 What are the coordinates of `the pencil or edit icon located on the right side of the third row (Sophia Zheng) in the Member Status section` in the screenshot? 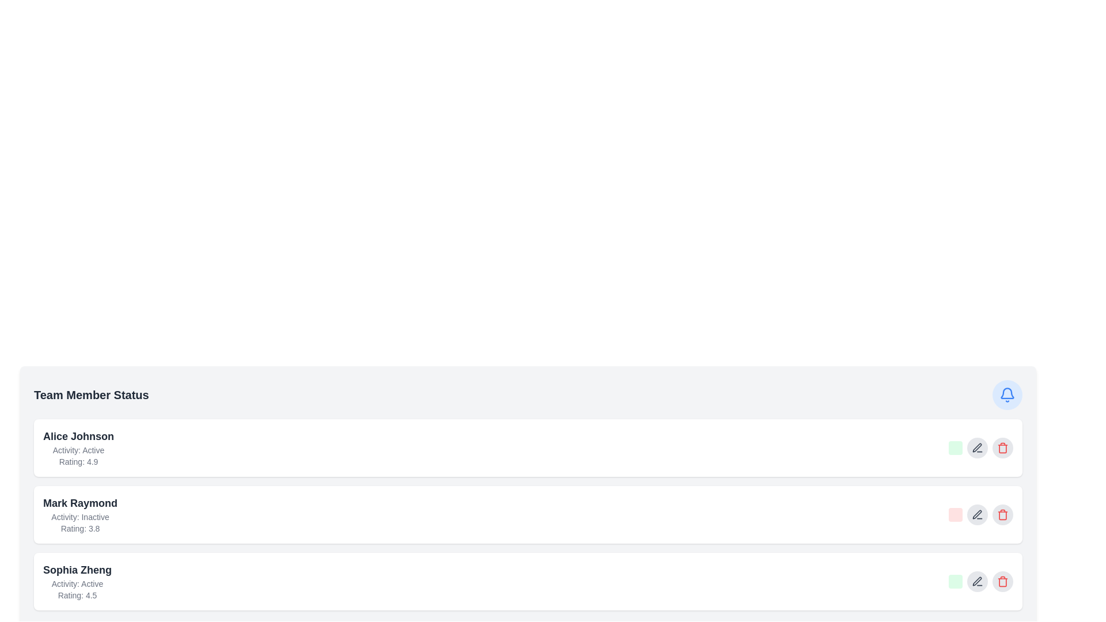 It's located at (976, 581).